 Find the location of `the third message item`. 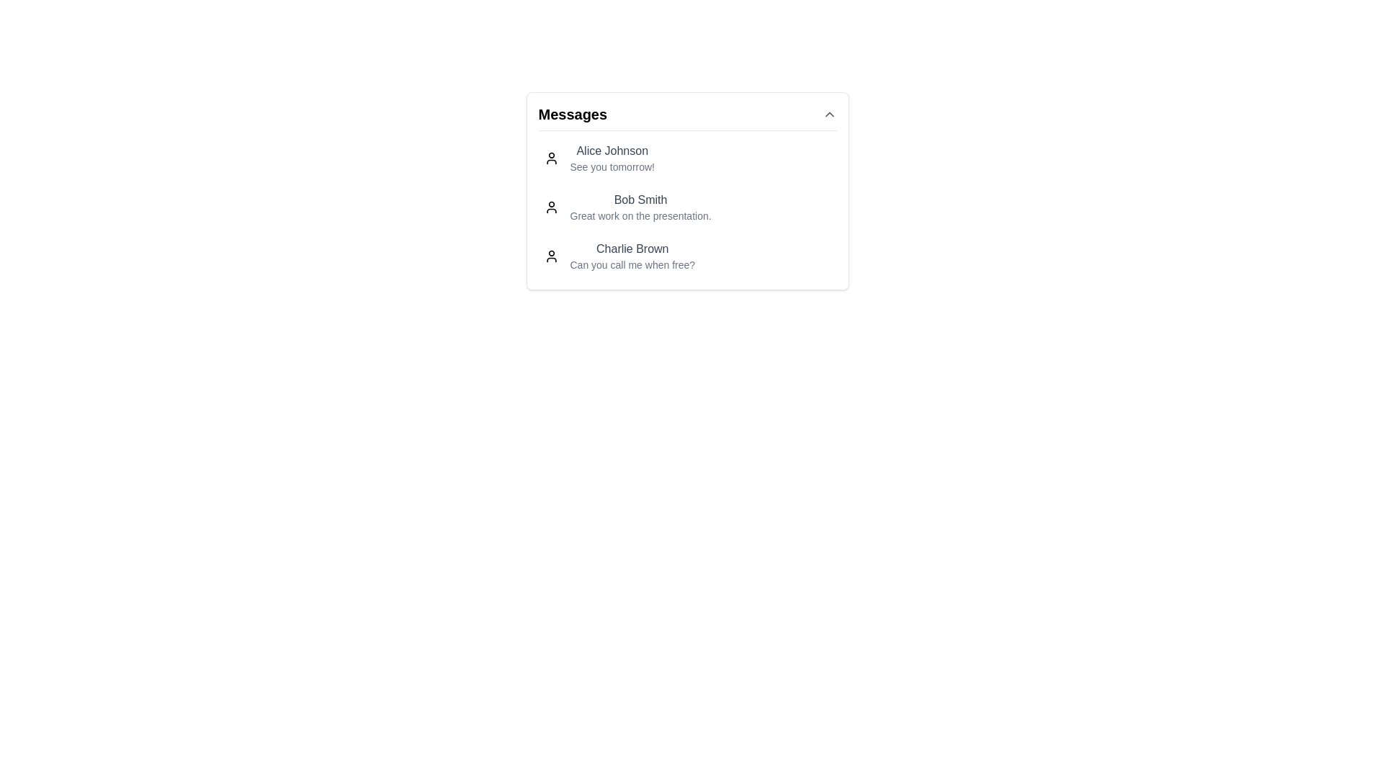

the third message item is located at coordinates (686, 255).